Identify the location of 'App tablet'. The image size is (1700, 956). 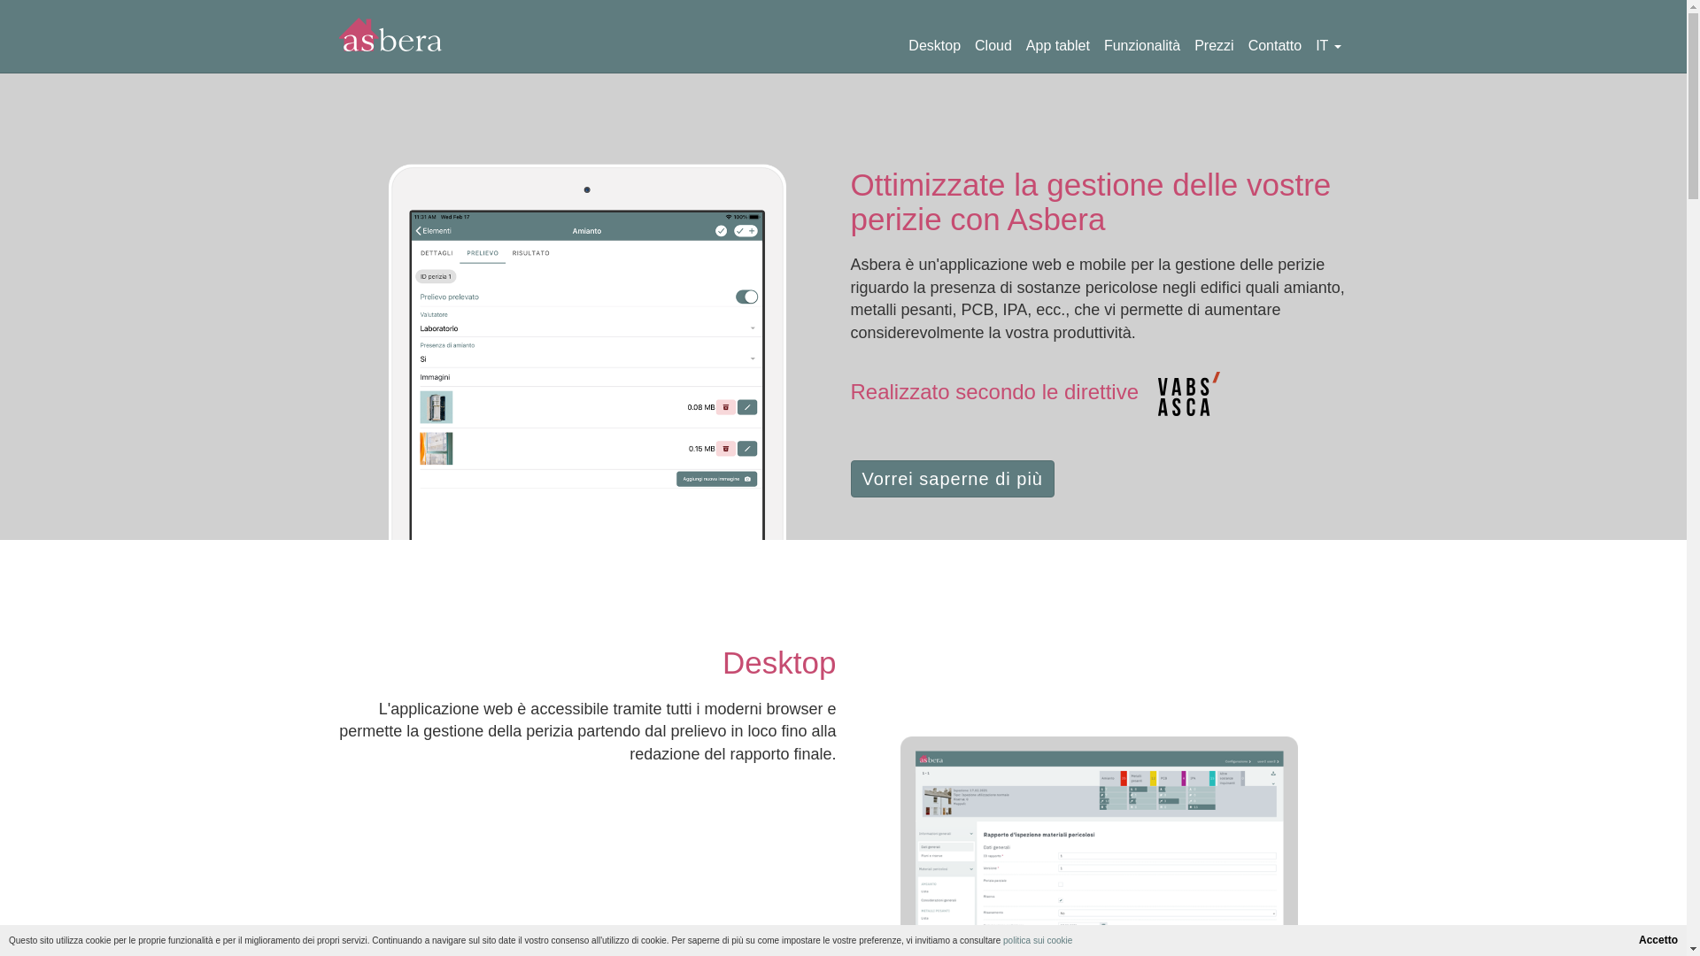
(1058, 39).